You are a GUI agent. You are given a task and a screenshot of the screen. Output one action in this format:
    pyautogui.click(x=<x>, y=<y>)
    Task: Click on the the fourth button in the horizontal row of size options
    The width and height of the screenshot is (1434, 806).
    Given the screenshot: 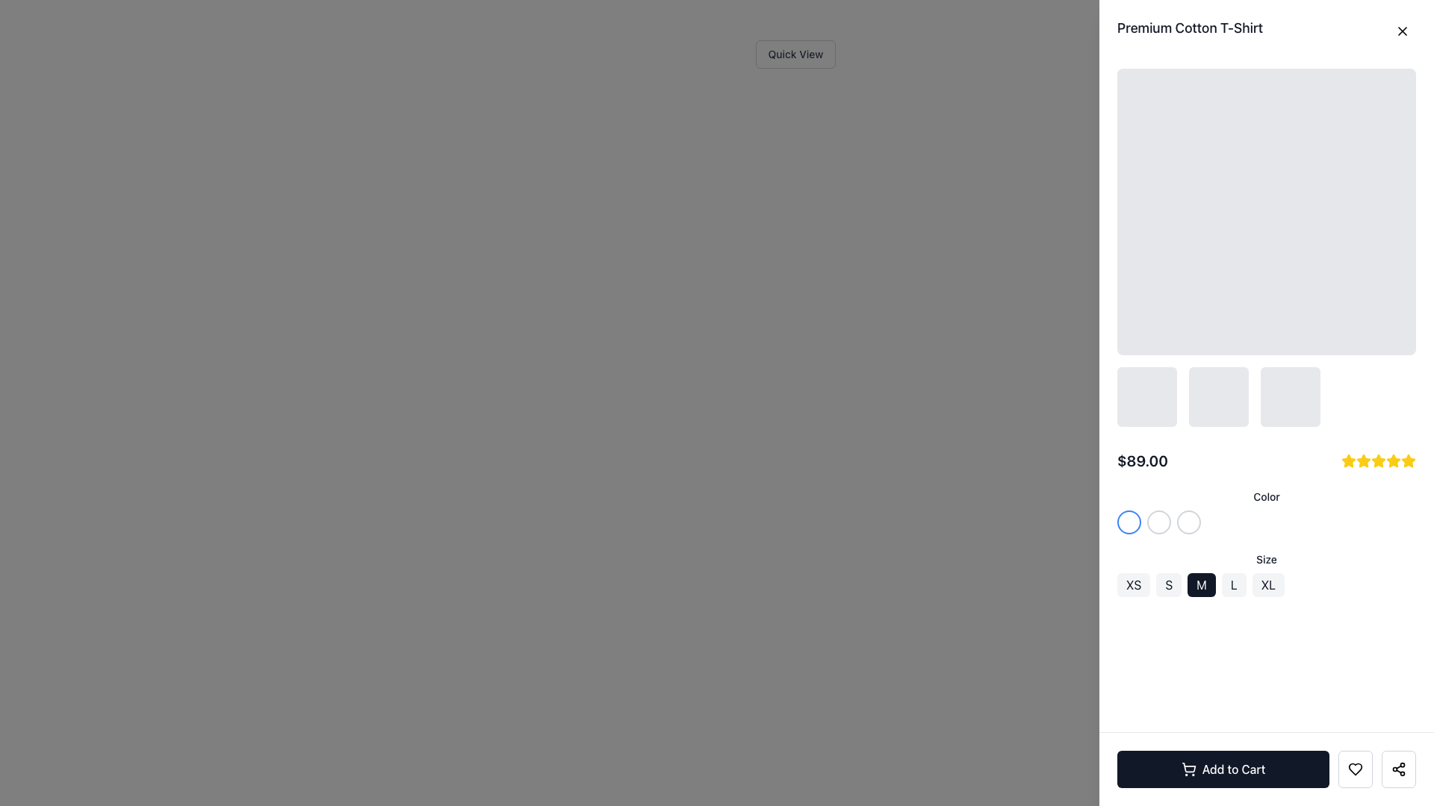 What is the action you would take?
    pyautogui.click(x=1233, y=584)
    